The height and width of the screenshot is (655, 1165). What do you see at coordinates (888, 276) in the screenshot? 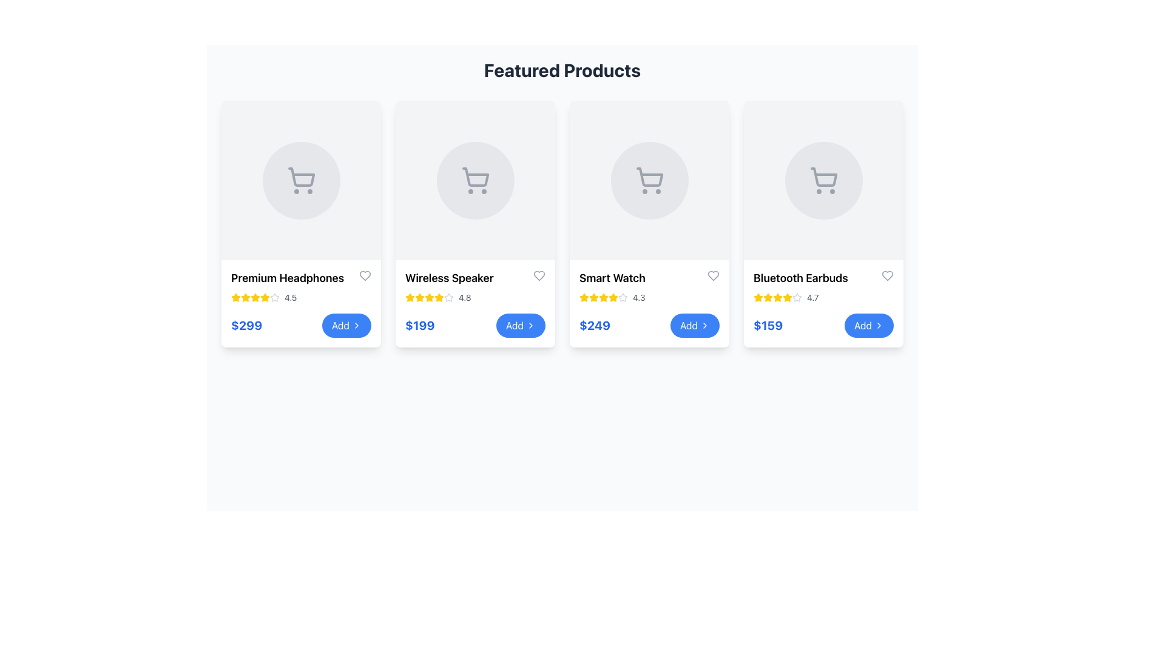
I see `the heart-shaped icon` at bounding box center [888, 276].